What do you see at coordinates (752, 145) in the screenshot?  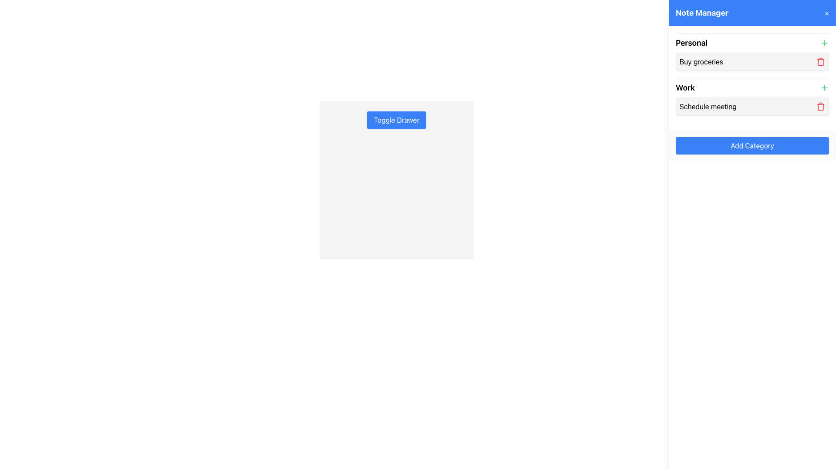 I see `the 'Add New Category' button located in the 'Note Manager' section, positioned at the bottom below the 'Work' category` at bounding box center [752, 145].